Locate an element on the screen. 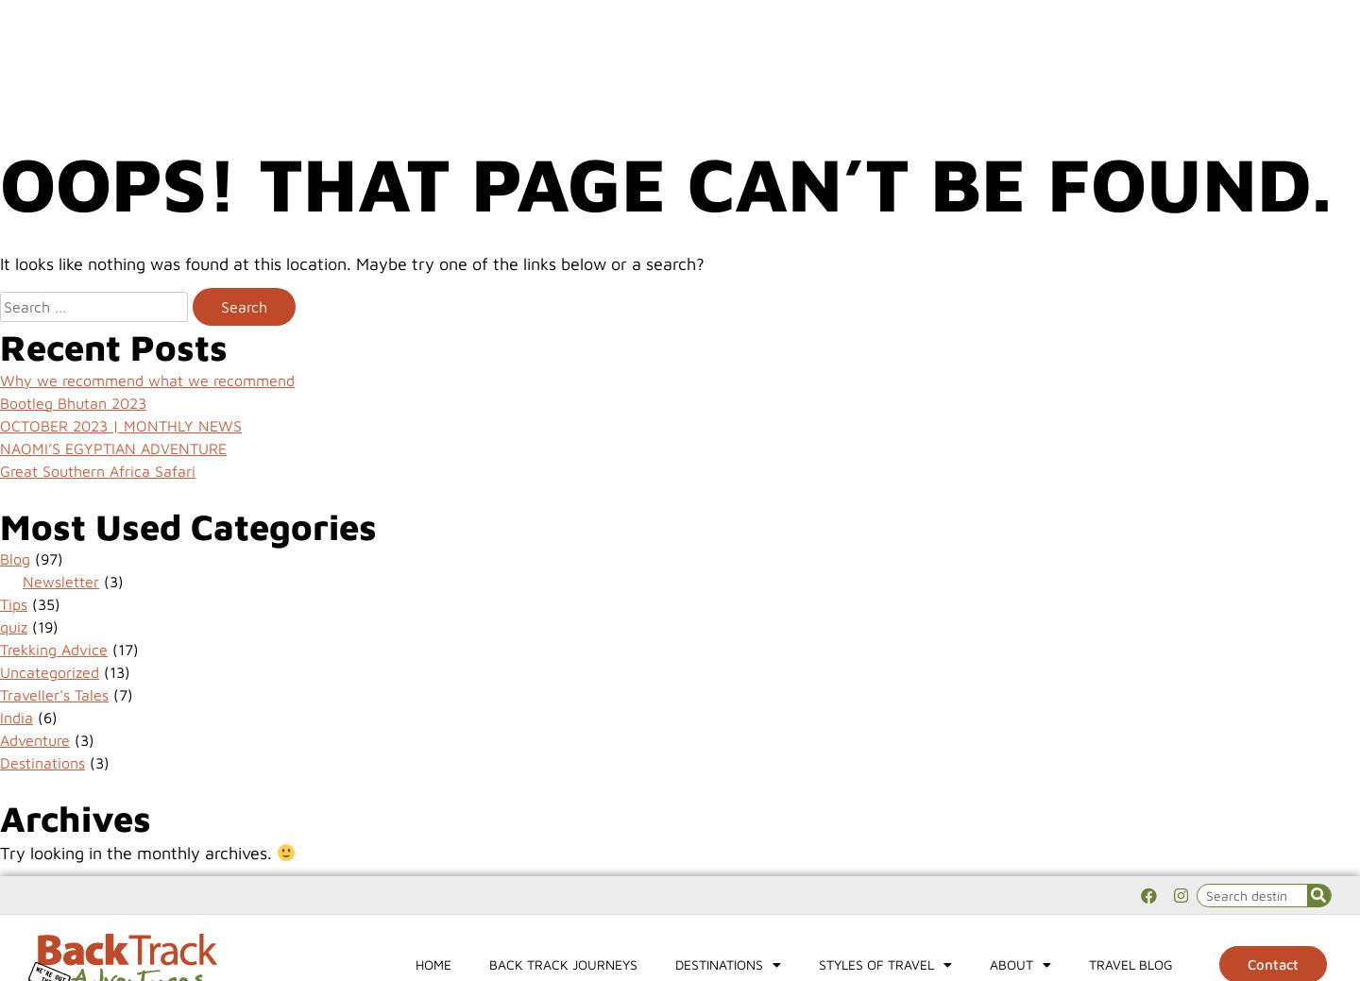 The width and height of the screenshot is (1360, 981). 'Home' is located at coordinates (433, 86).